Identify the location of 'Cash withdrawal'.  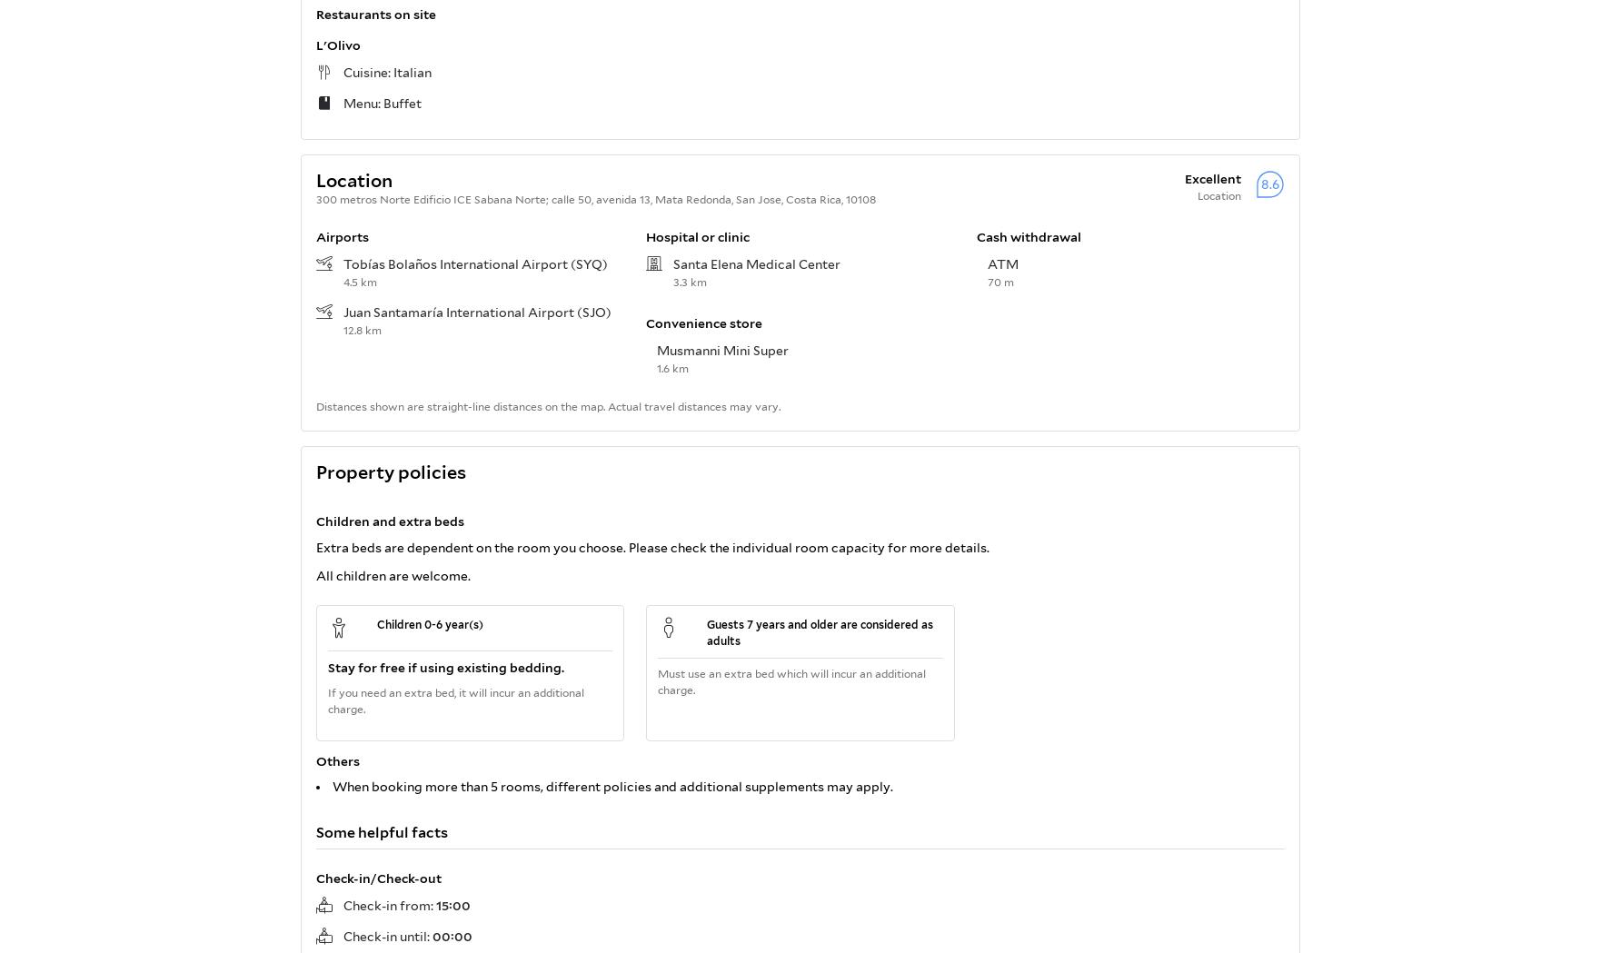
(1028, 235).